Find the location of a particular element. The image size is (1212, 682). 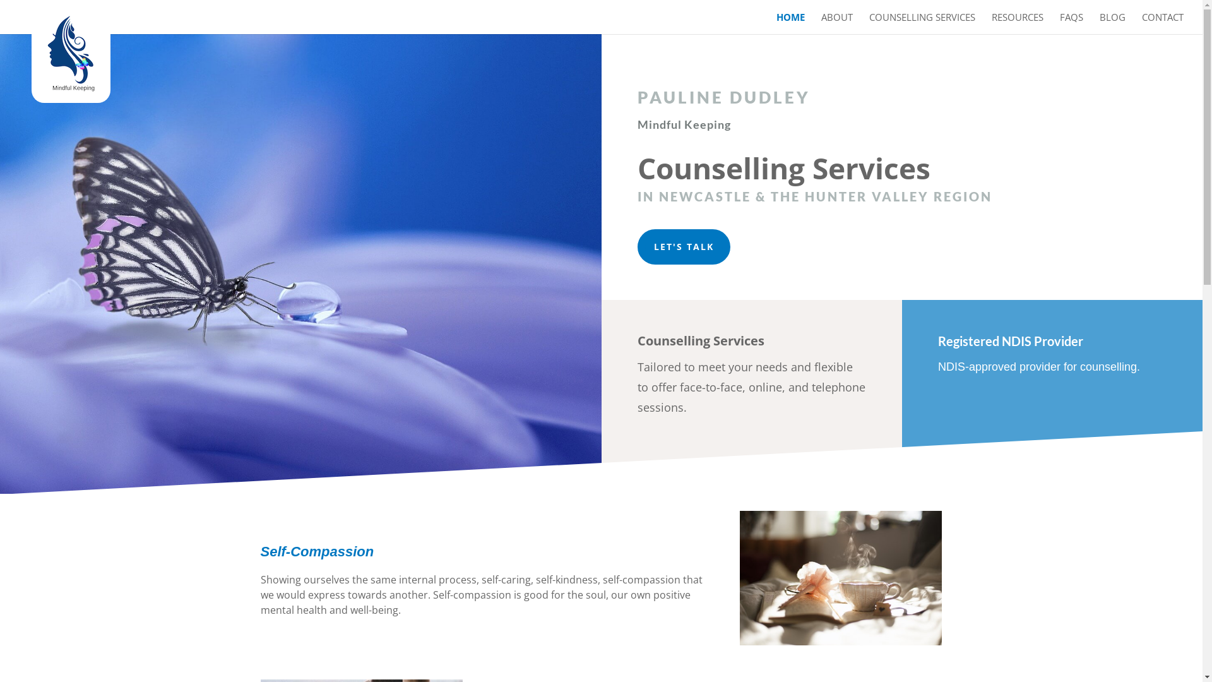

'CONTACT' is located at coordinates (1162, 23).